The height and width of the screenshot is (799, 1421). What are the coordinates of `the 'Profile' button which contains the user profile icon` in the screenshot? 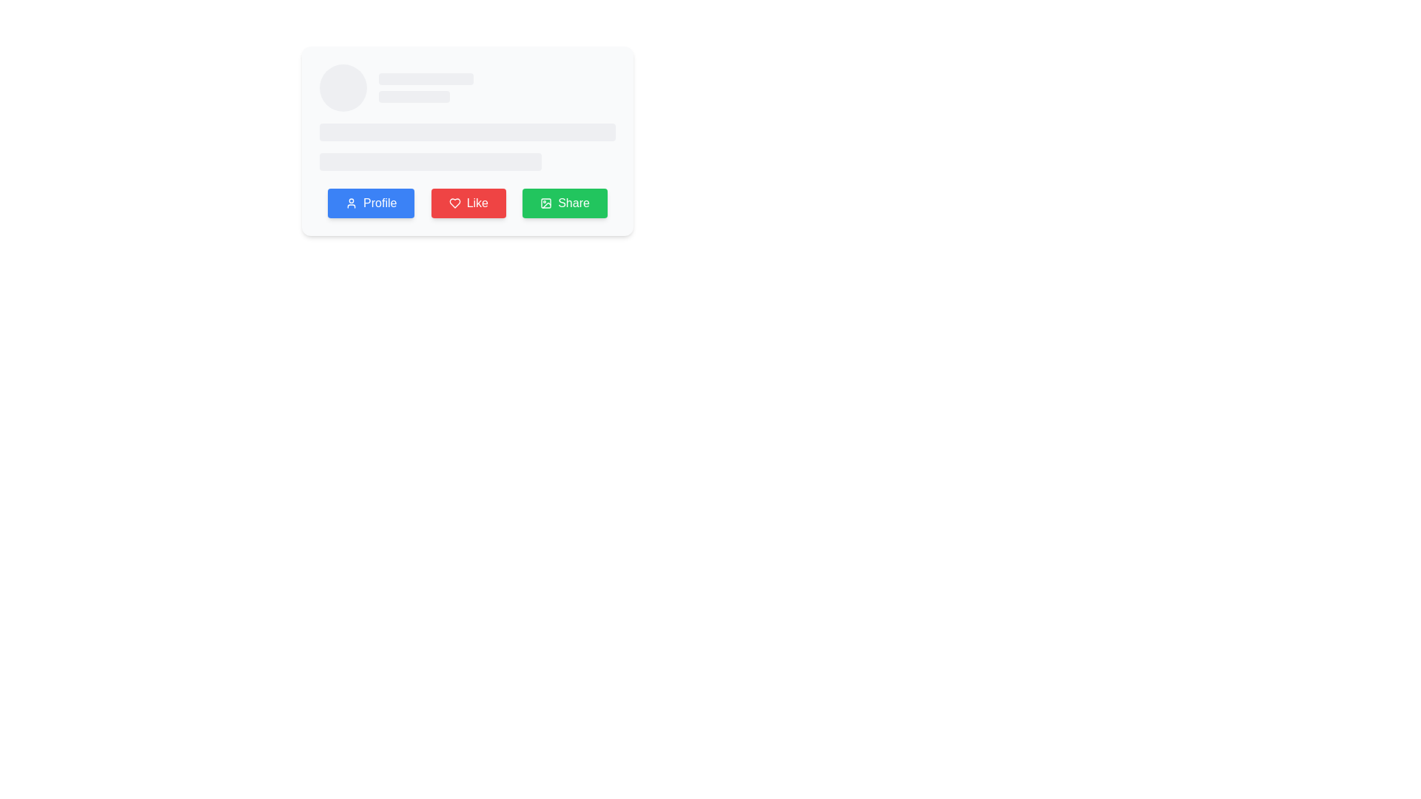 It's located at (351, 203).